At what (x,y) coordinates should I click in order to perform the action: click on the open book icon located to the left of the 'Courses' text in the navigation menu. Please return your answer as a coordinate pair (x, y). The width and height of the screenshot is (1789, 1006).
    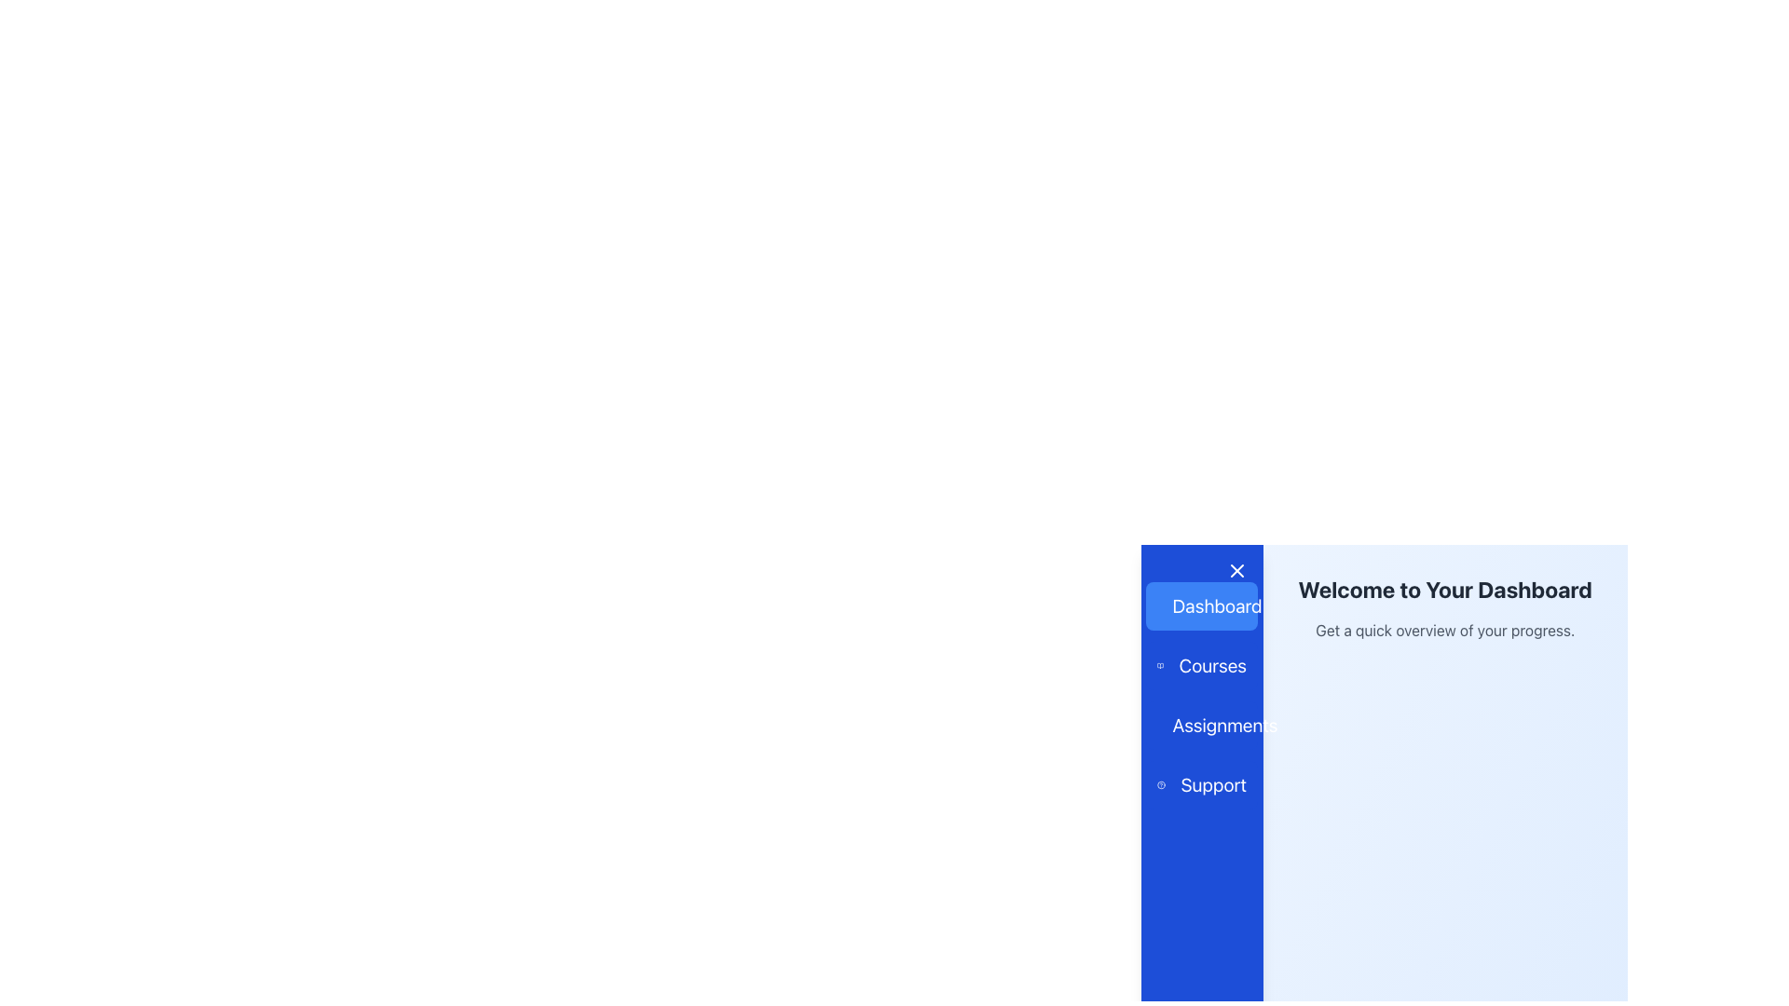
    Looking at the image, I should click on (1159, 664).